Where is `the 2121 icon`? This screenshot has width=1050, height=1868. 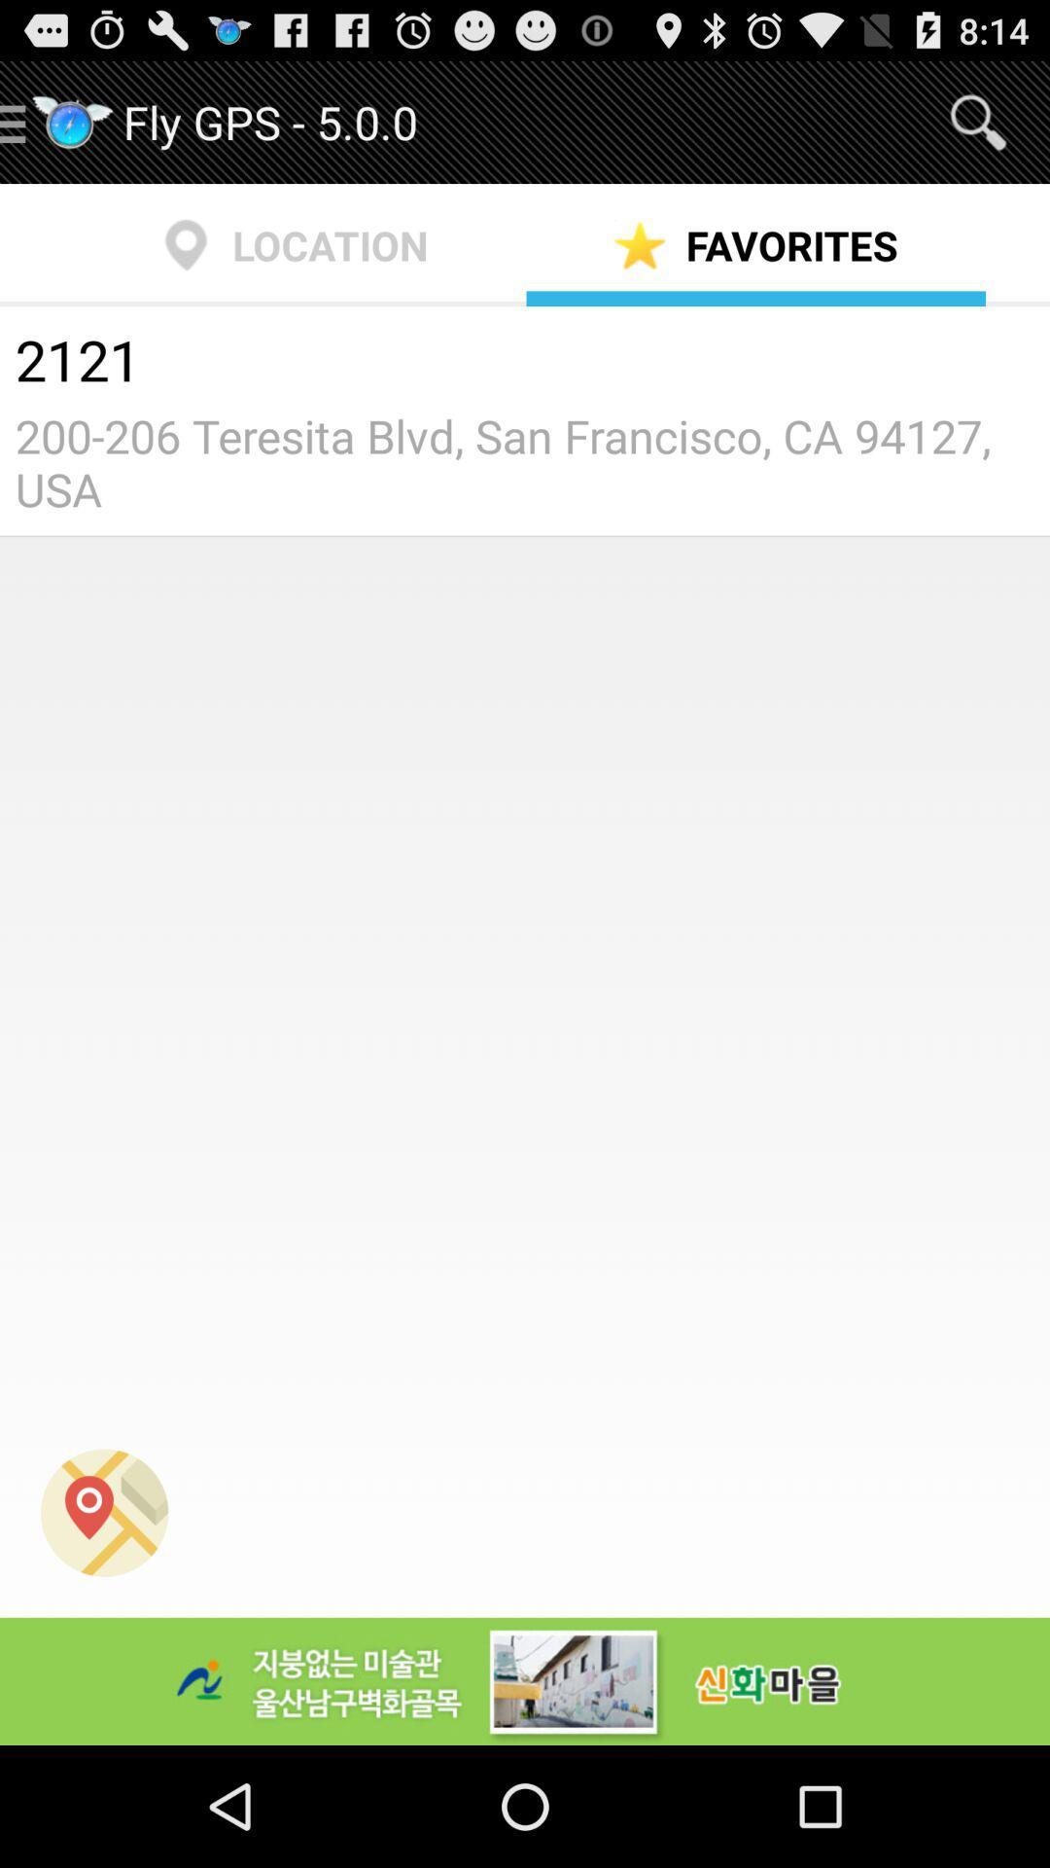
the 2121 icon is located at coordinates (525, 363).